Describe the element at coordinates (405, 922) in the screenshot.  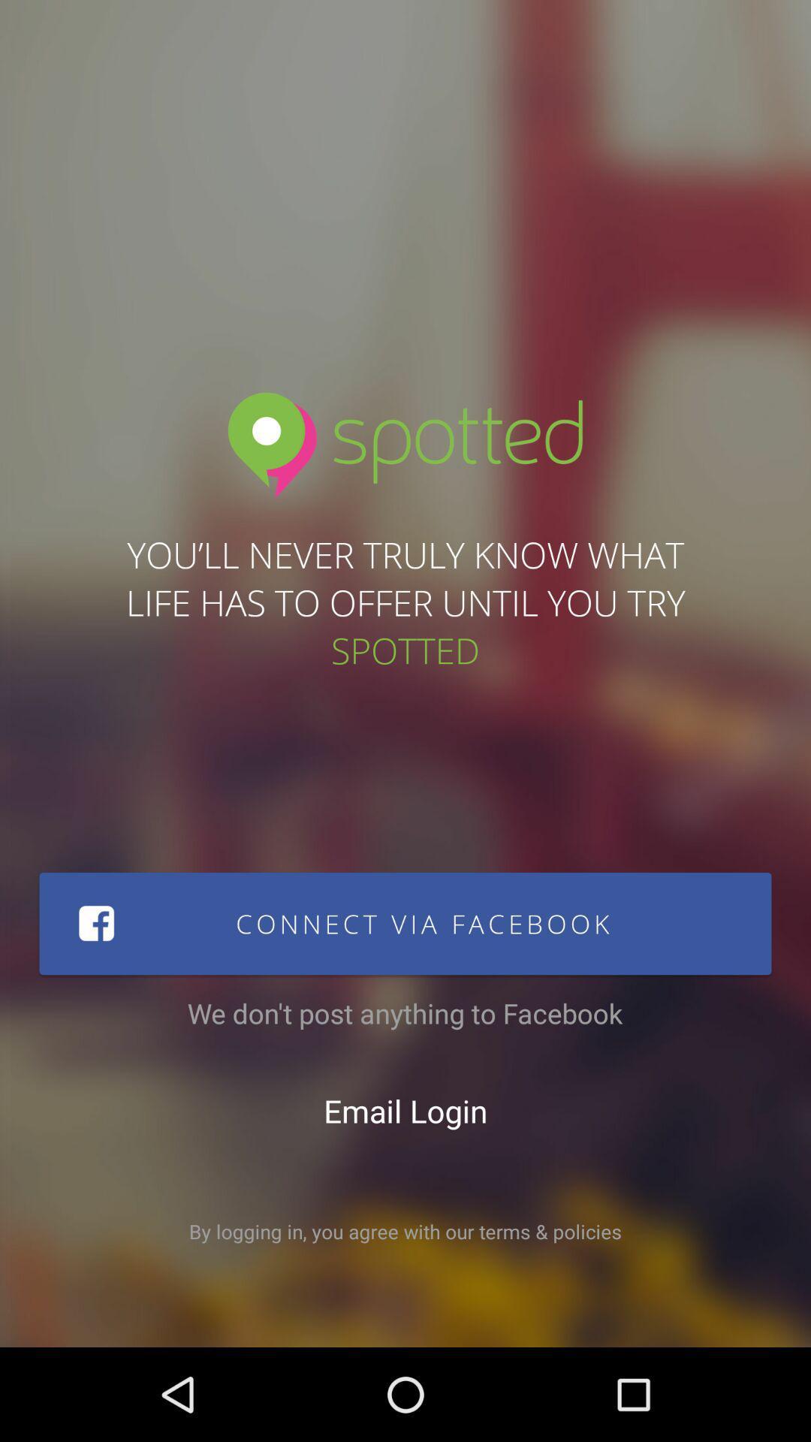
I see `connect via facebook icon` at that location.